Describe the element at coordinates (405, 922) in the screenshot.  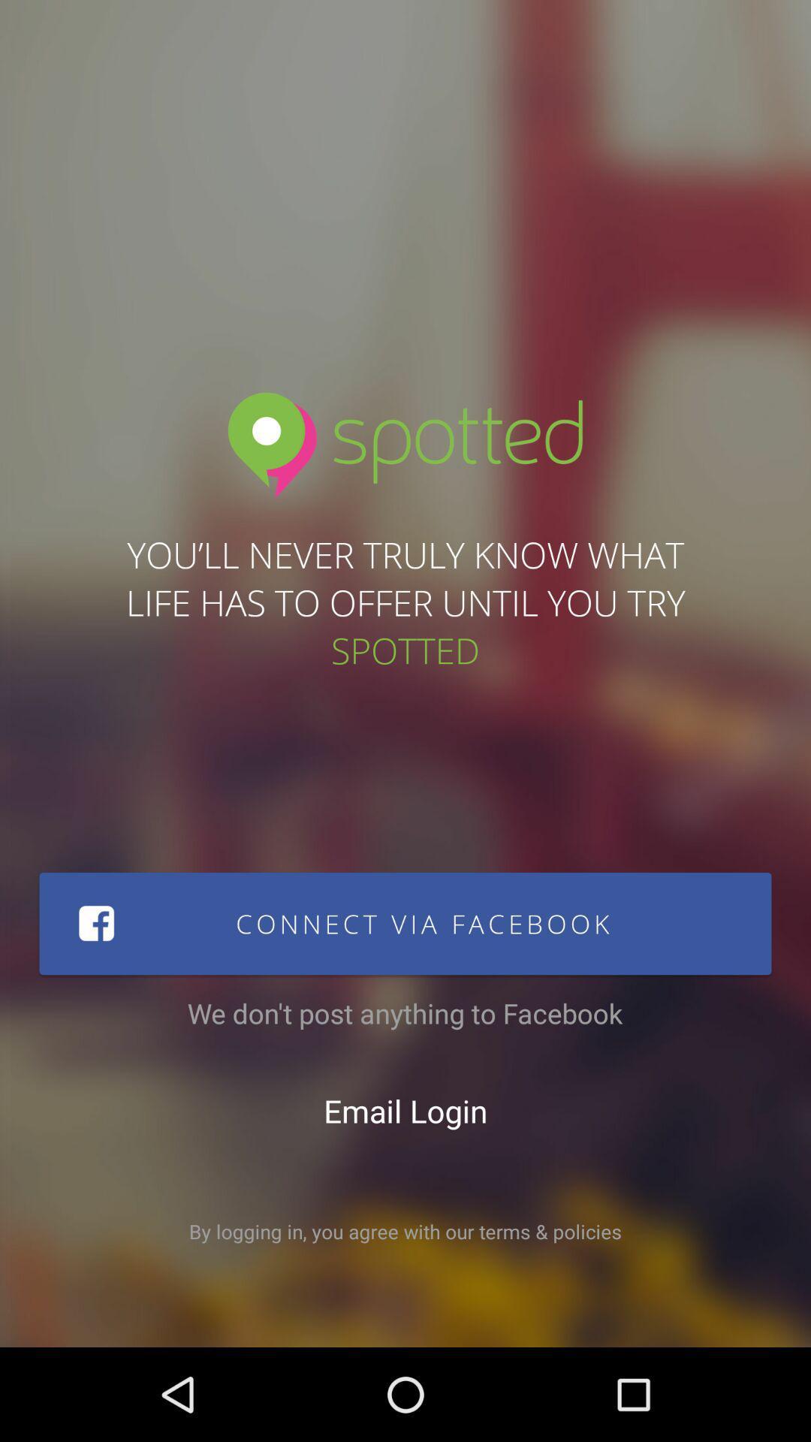
I see `connect via facebook icon` at that location.